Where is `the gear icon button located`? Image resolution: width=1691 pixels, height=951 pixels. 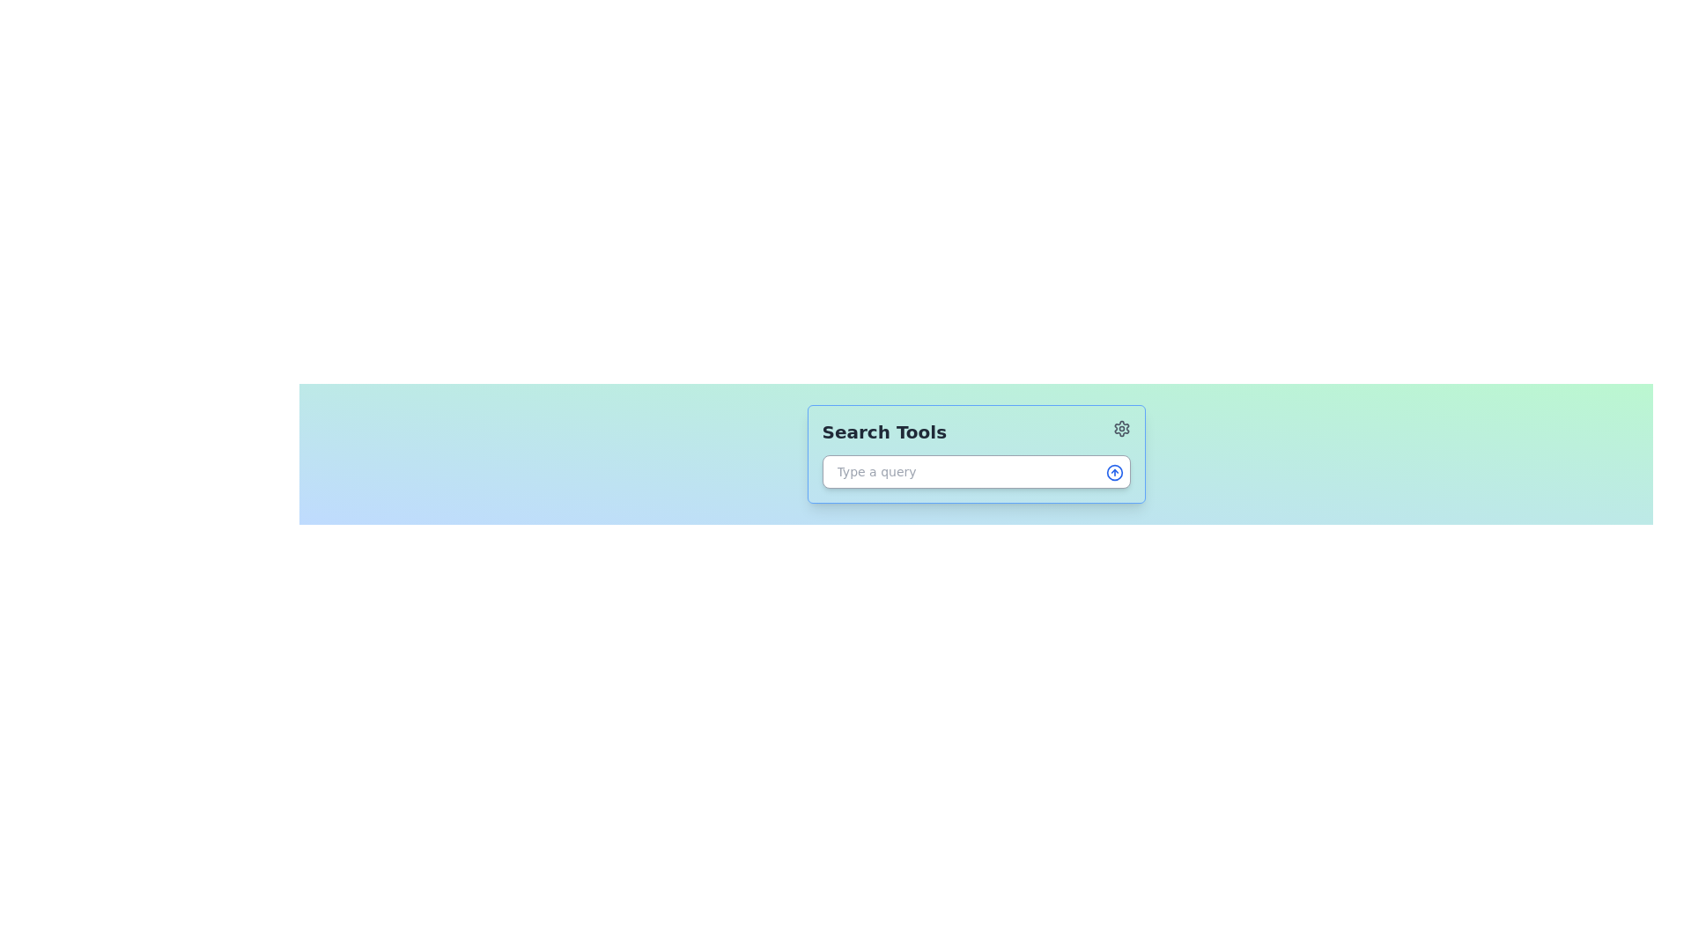
the gear icon button located is located at coordinates (1120, 428).